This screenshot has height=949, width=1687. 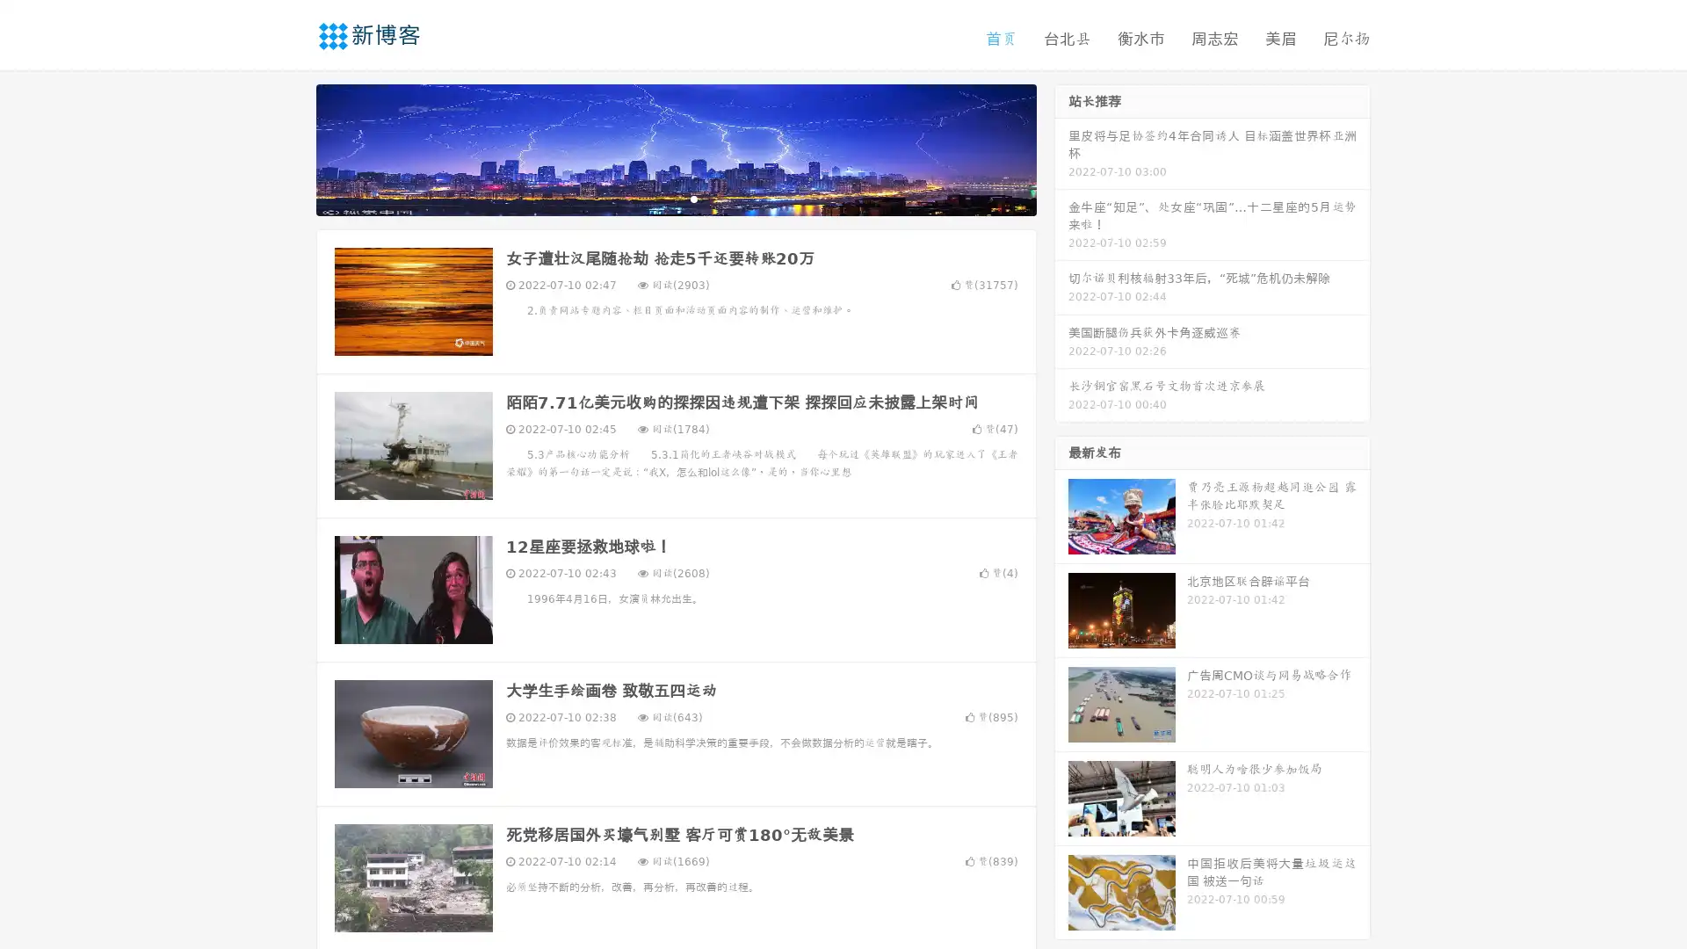 I want to click on Previous slide, so click(x=290, y=148).